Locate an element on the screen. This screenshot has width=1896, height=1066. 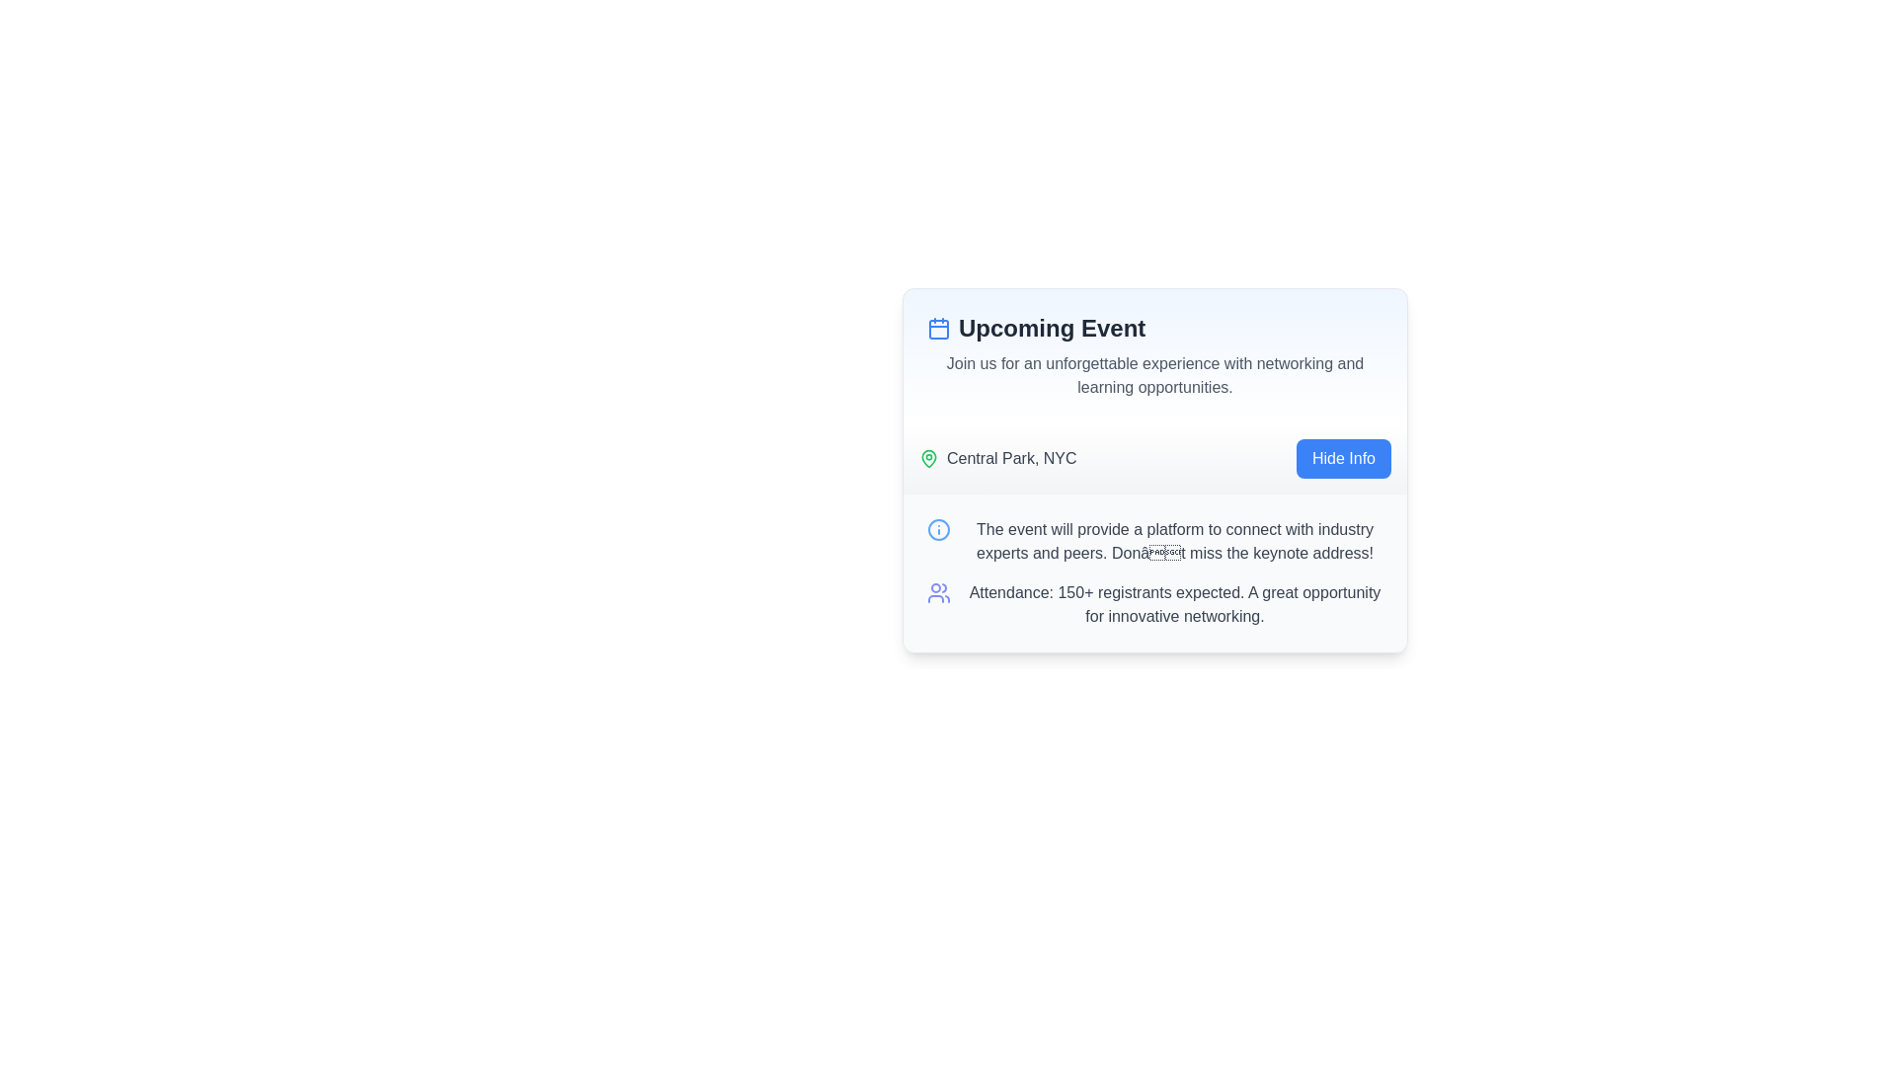
informational text block located horizontally to the right of the info icon, which describes the event's opportunities and features is located at coordinates (1175, 541).